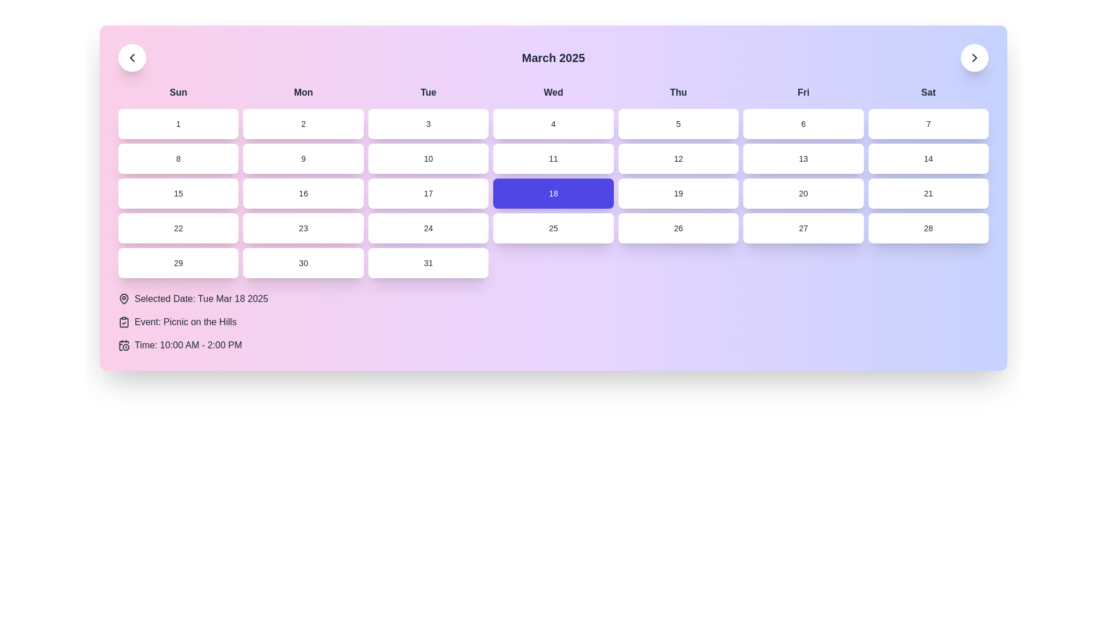  Describe the element at coordinates (802, 193) in the screenshot. I see `the button displaying the number '20', which is part of a calendar grid layout and located in the fifth column of the third row` at that location.